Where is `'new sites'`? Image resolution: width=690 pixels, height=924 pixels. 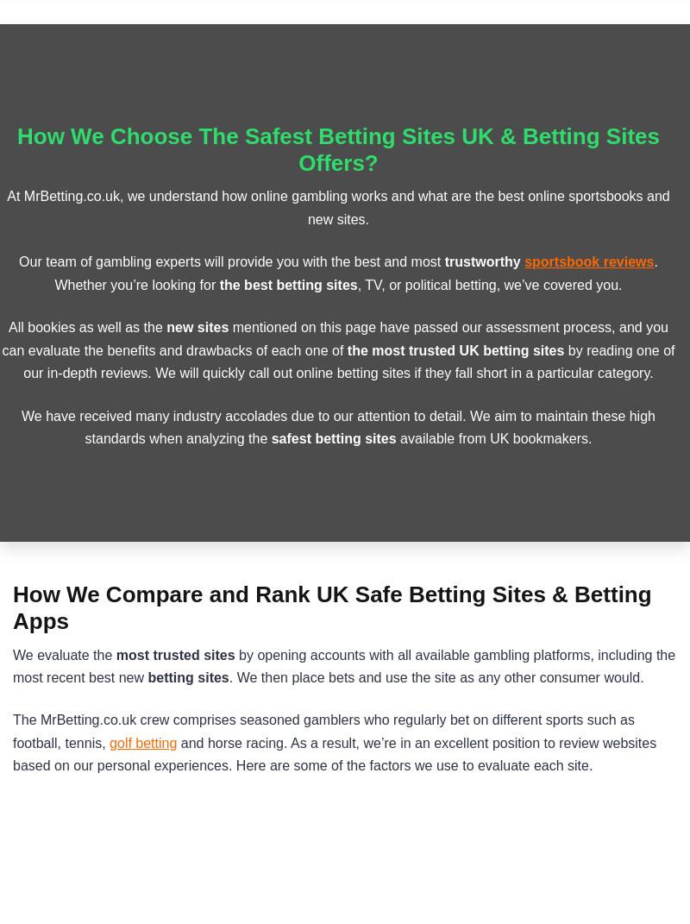 'new sites' is located at coordinates (198, 326).